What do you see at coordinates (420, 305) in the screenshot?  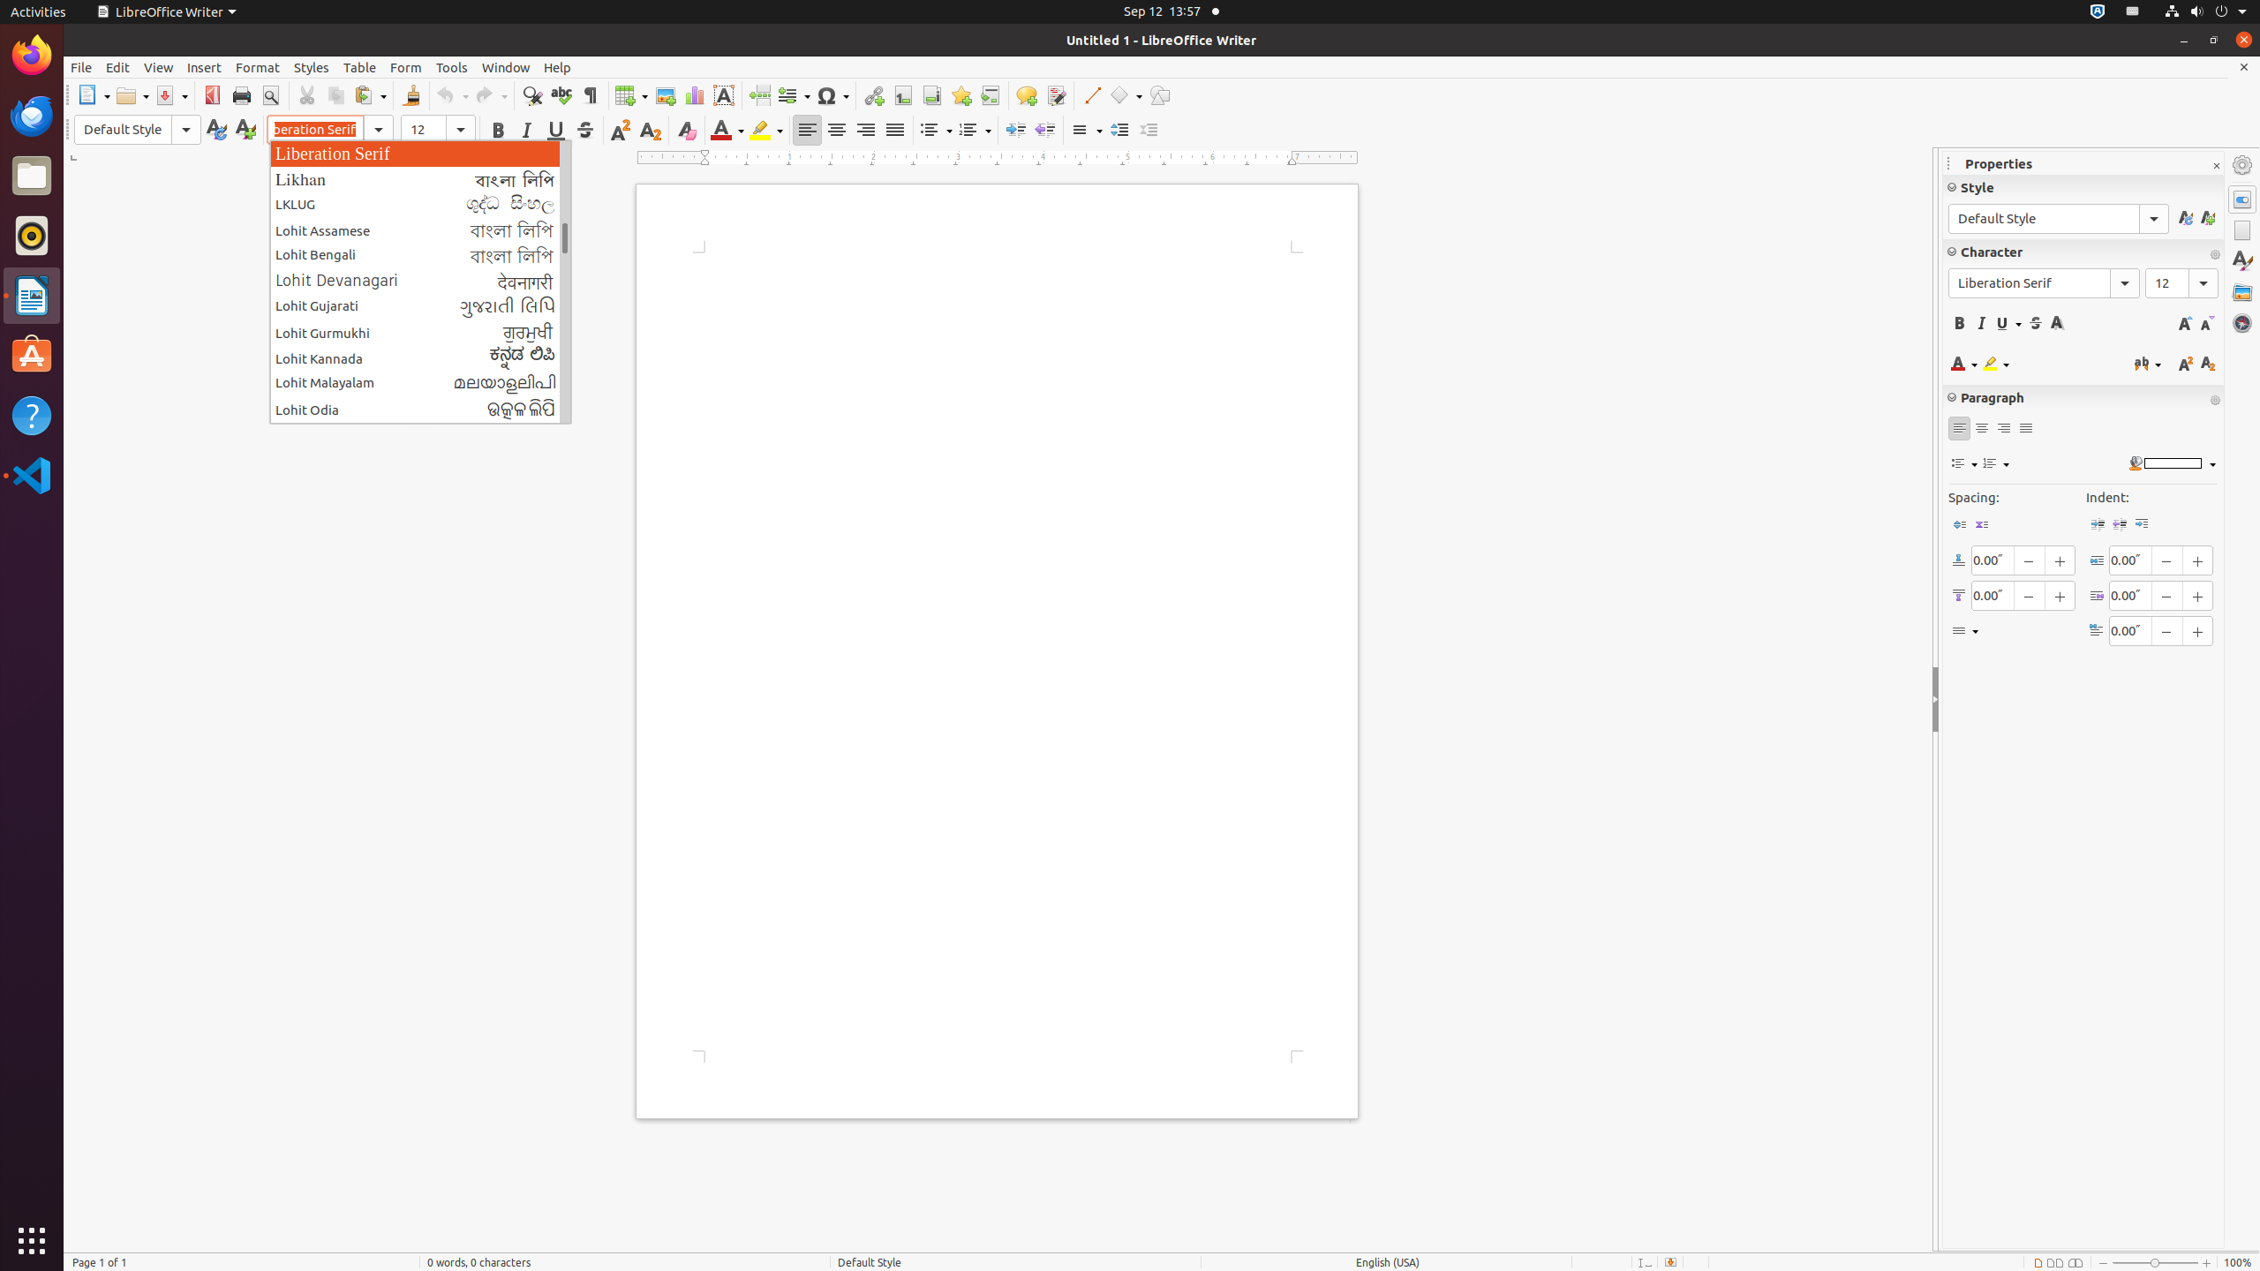 I see `'Lohit Gujarati'` at bounding box center [420, 305].